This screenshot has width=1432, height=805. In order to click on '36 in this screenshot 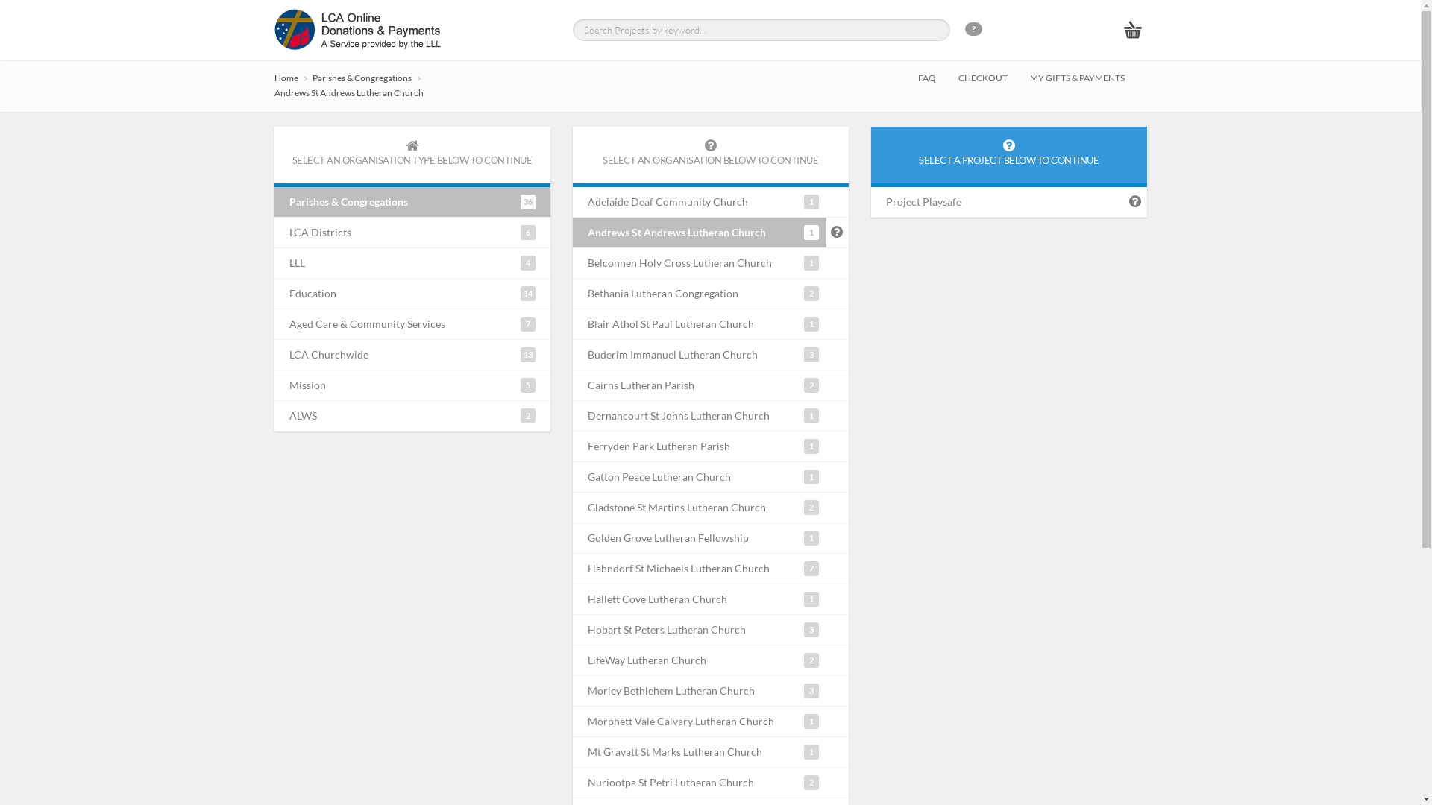, I will do `click(412, 201)`.